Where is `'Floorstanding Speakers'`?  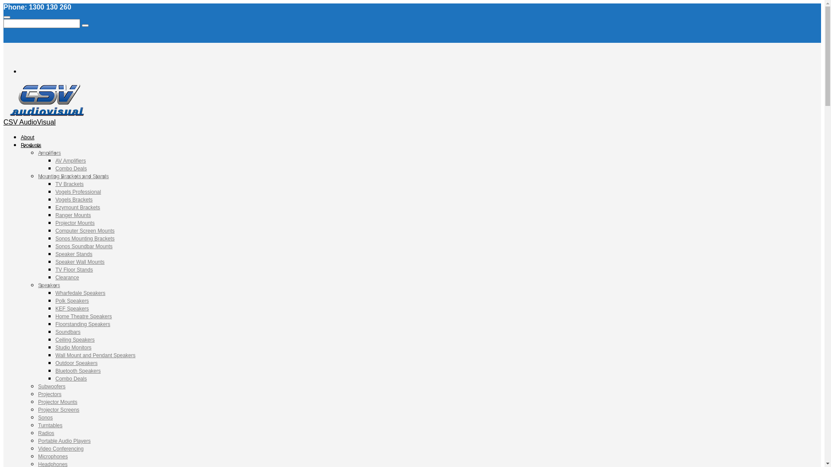
'Floorstanding Speakers' is located at coordinates (83, 324).